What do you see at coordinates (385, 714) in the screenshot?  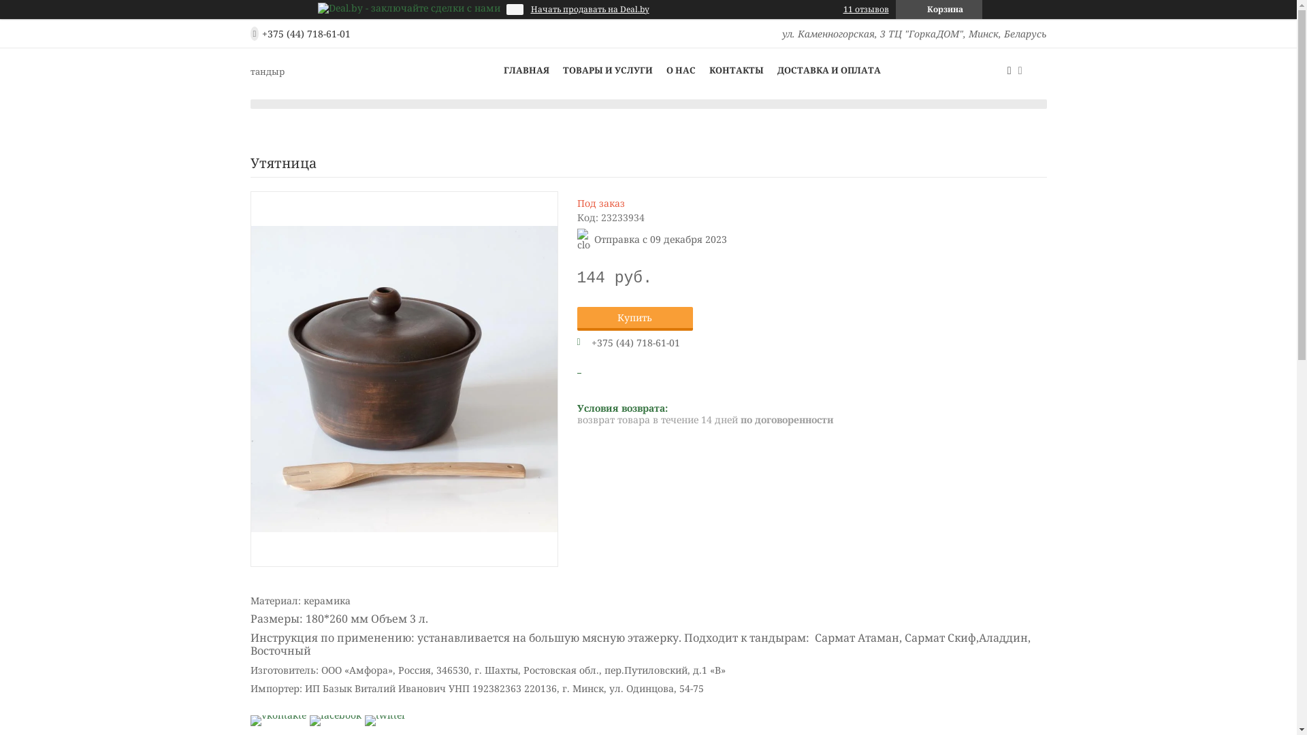 I see `'twitter'` at bounding box center [385, 714].